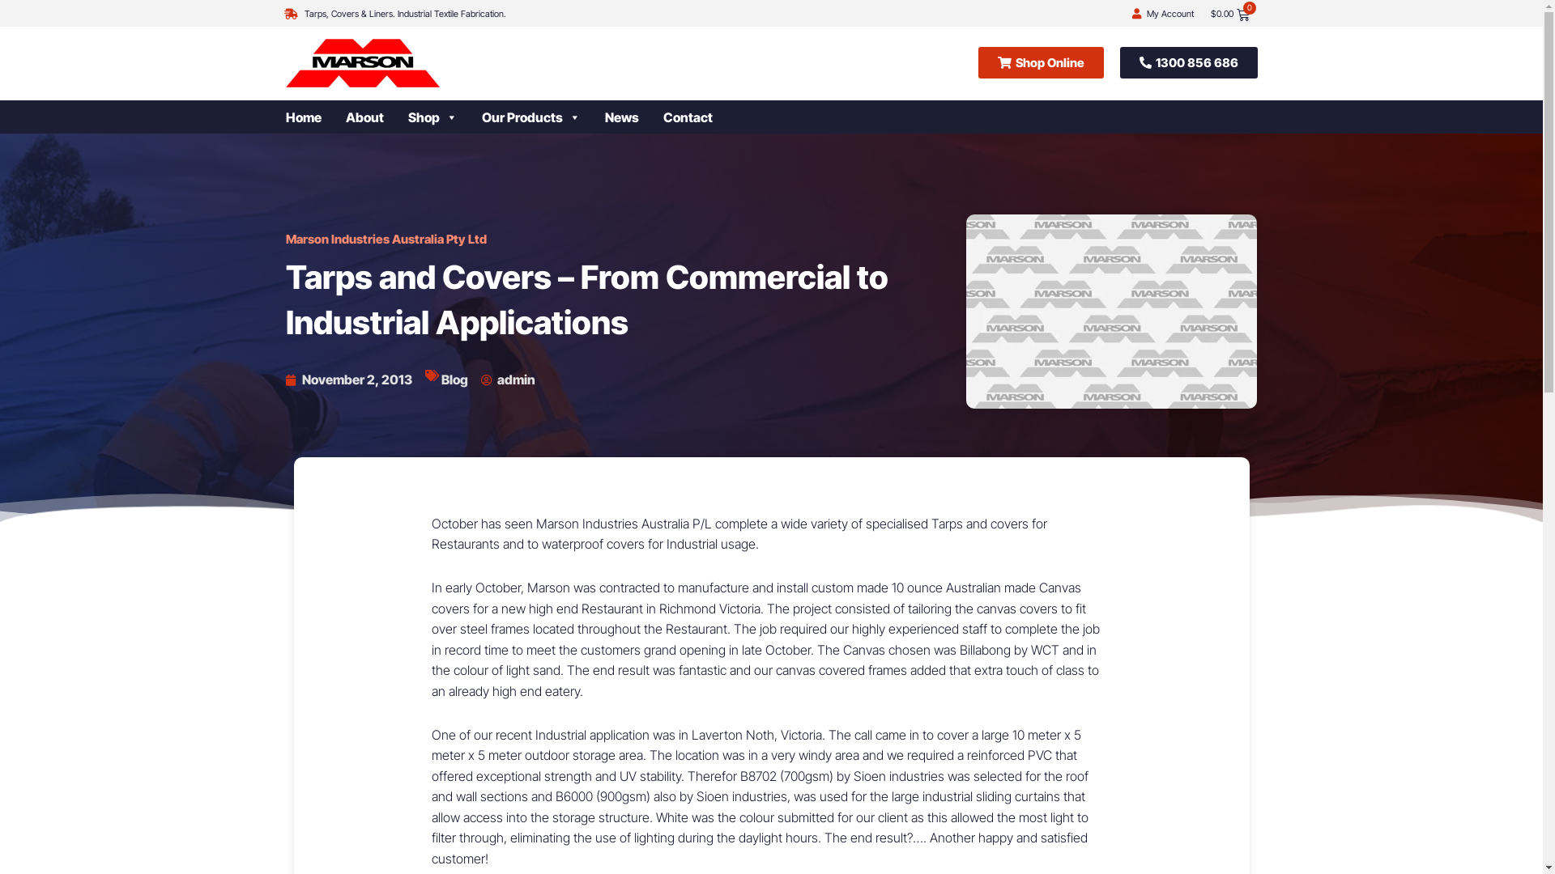 Image resolution: width=1555 pixels, height=874 pixels. What do you see at coordinates (445, 117) in the screenshot?
I see `'Shop'` at bounding box center [445, 117].